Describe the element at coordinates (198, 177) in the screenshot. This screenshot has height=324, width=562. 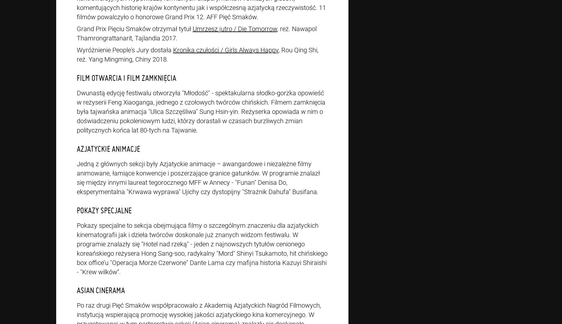
I see `'Jedną z głównych sekcji były Azjatyckie animacje – awangardowe i niezależne filmy animowane, łamiące konwencje i poszerzające granice gatunków. W programie znalazł się między innymi laureat tegorocznego MFF w Annecy - "Funan" Denisa Do, eksperymentalna "Krwawa wyprawa" Ujichy czy dystopijny "Strażnik Dahufa" Busifana.'` at that location.